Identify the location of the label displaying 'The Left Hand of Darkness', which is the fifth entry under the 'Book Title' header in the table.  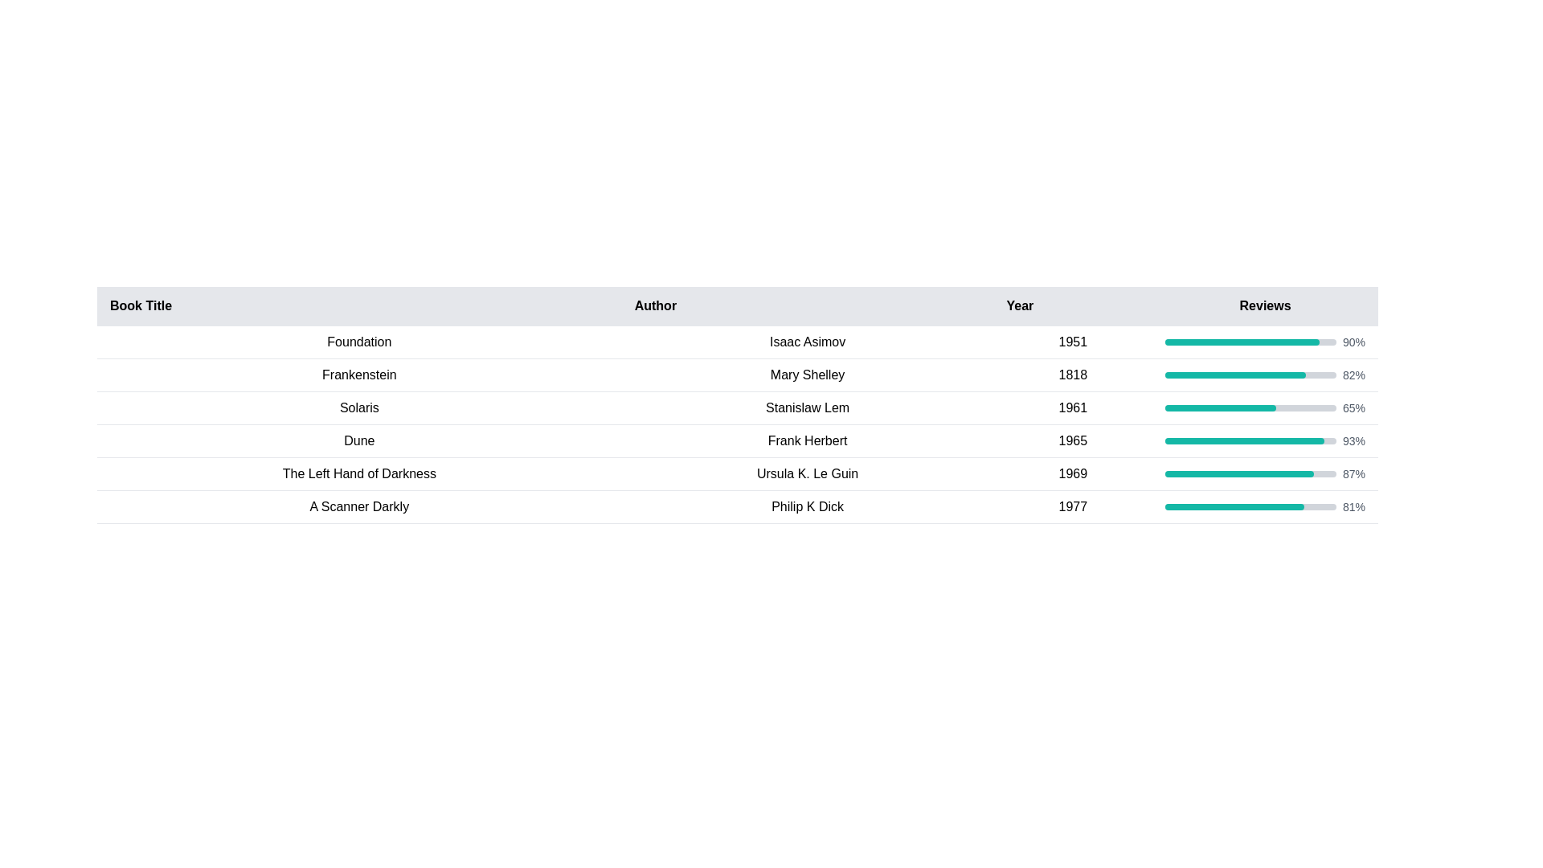
(358, 473).